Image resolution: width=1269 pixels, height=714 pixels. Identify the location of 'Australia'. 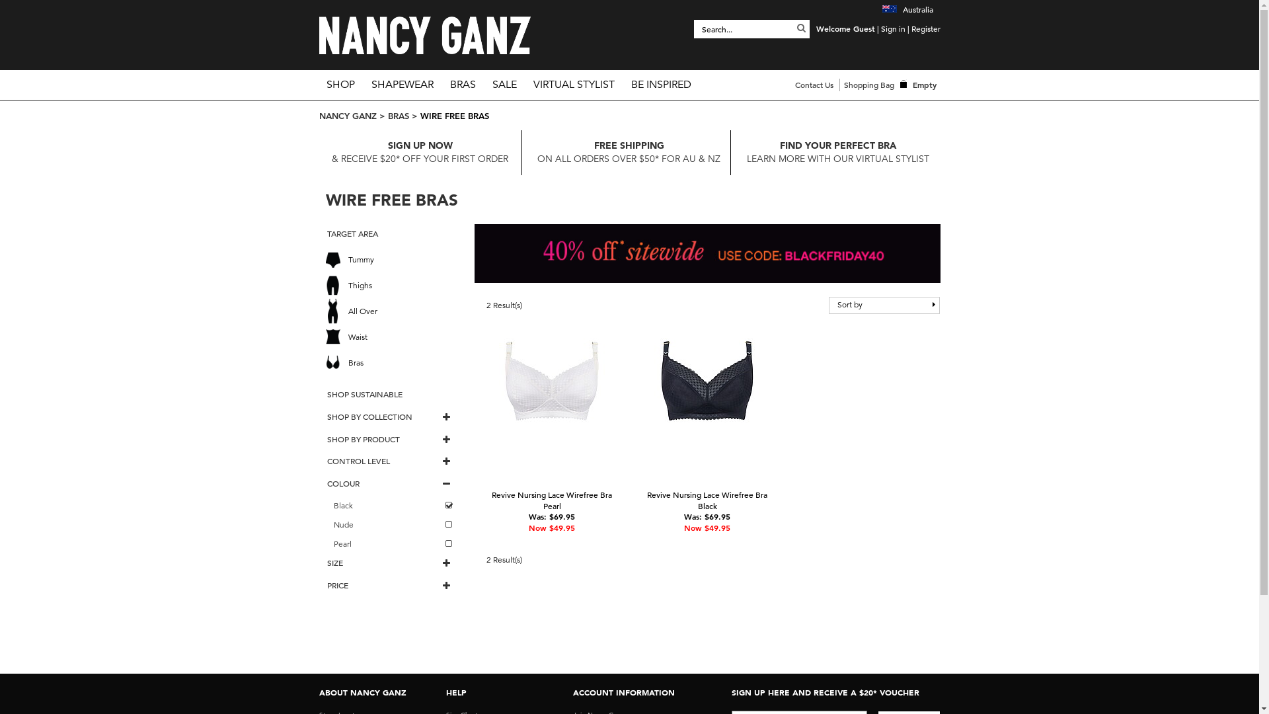
(906, 9).